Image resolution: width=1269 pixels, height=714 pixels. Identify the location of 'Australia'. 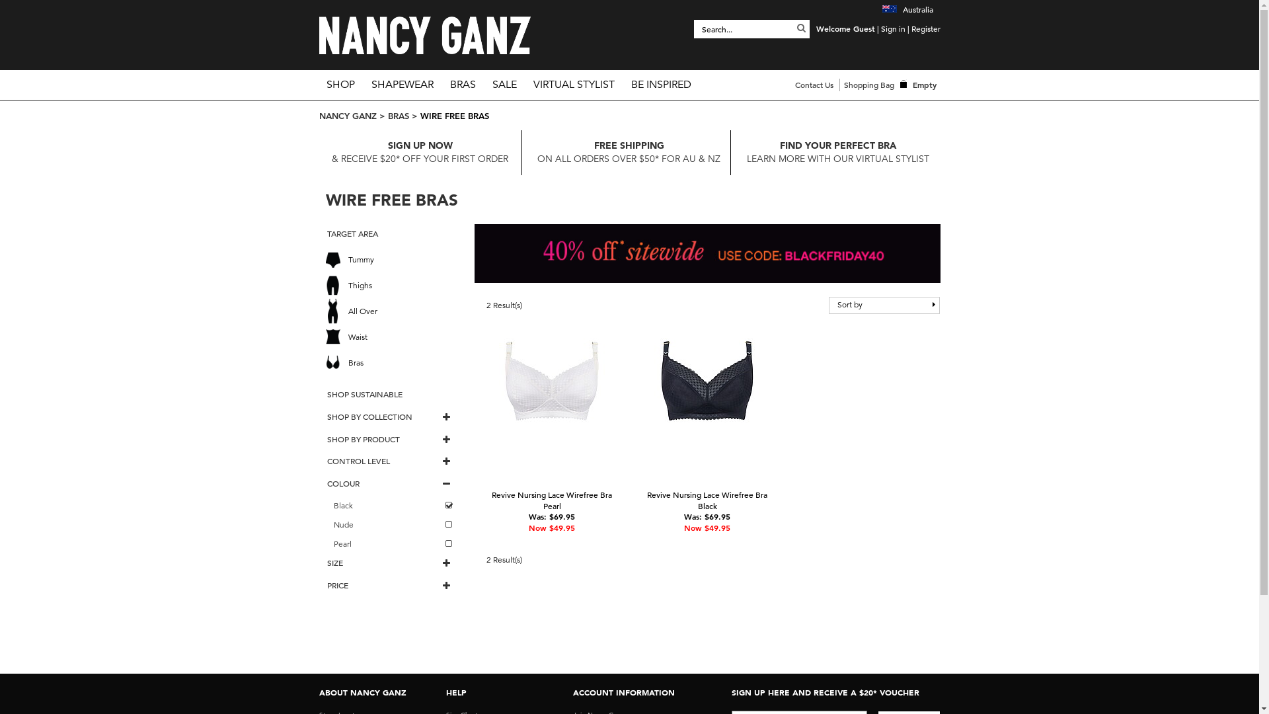
(906, 9).